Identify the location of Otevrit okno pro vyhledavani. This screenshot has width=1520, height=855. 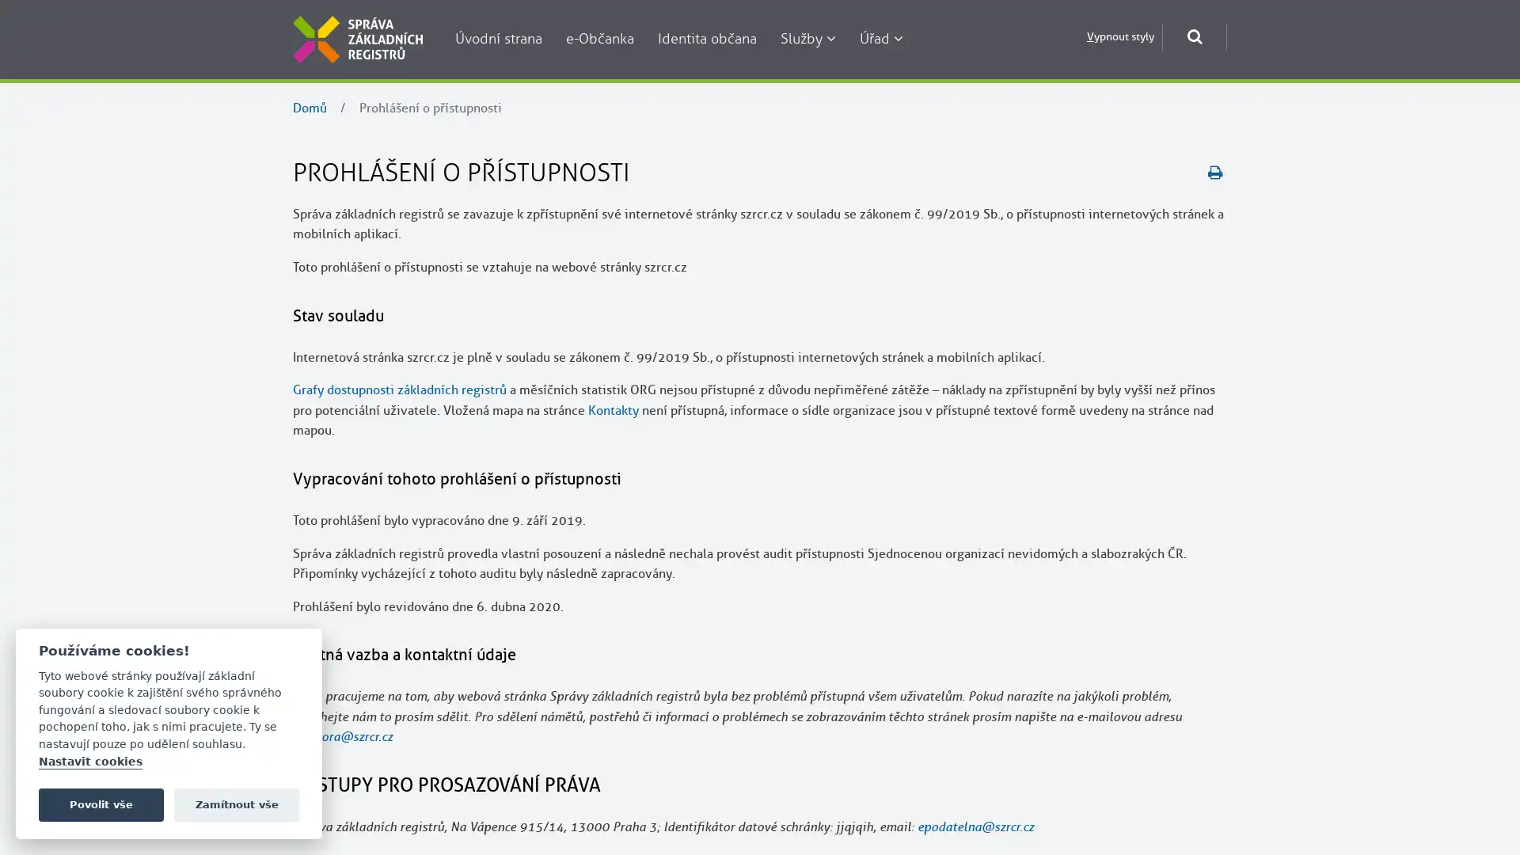
(1194, 36).